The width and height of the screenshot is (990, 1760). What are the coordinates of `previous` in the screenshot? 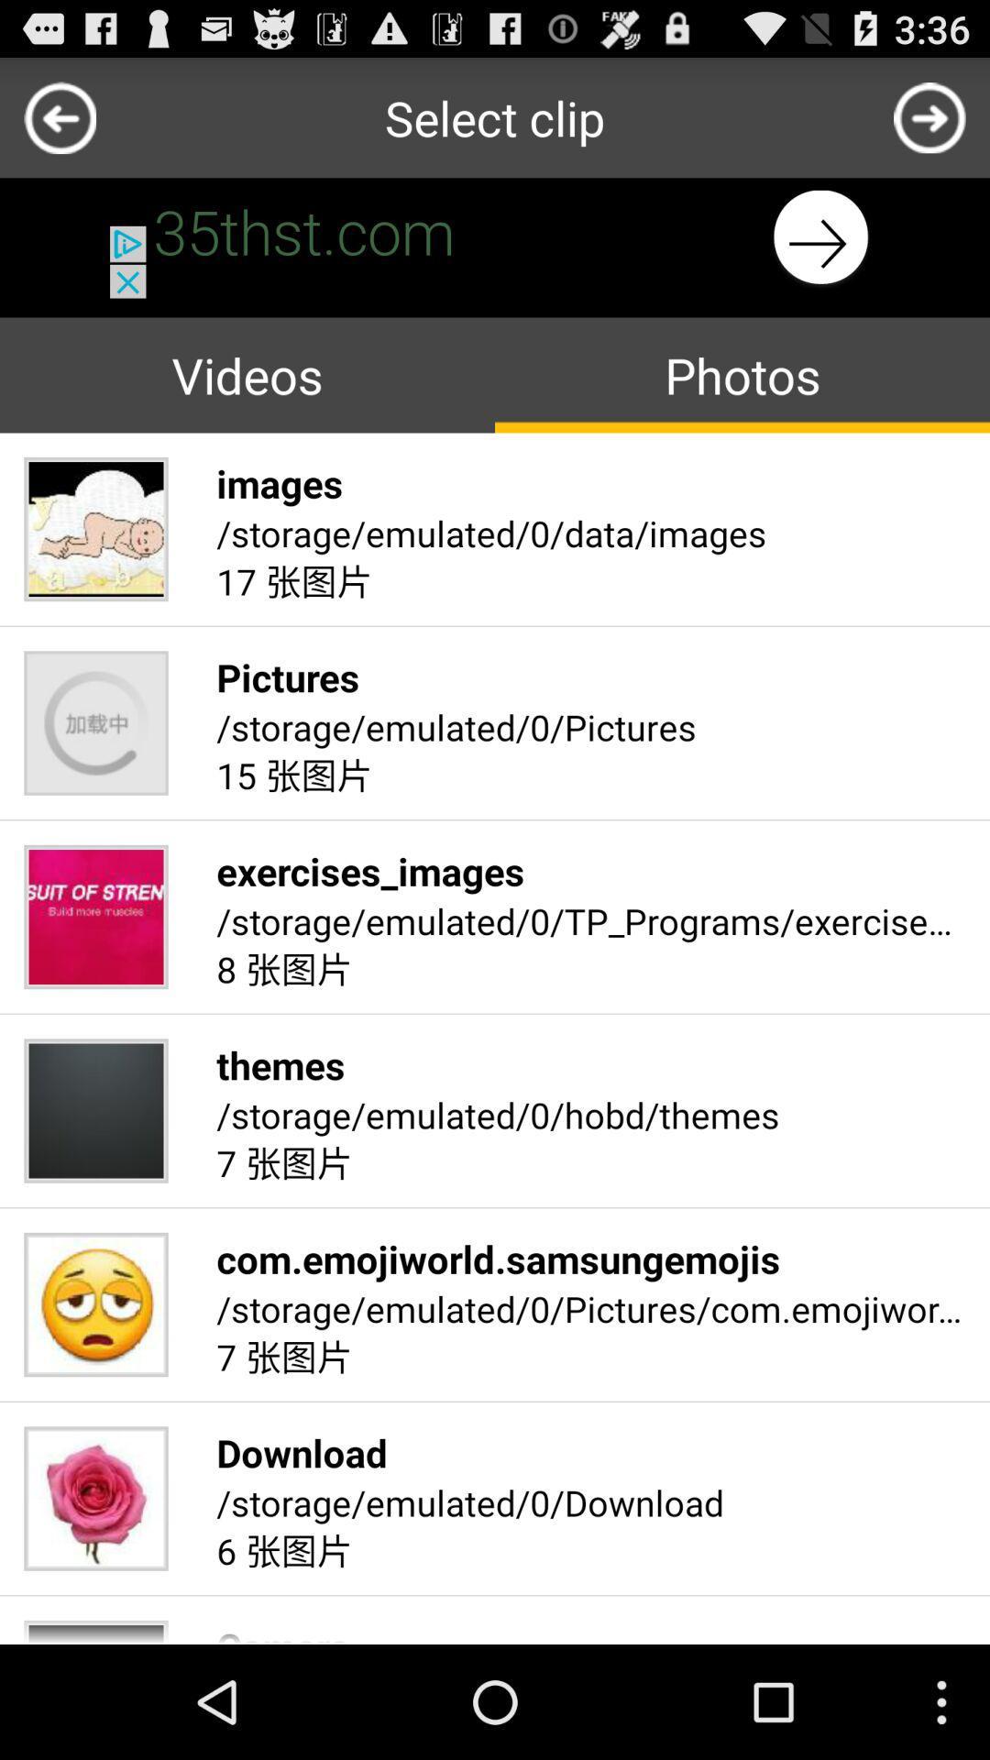 It's located at (59, 116).